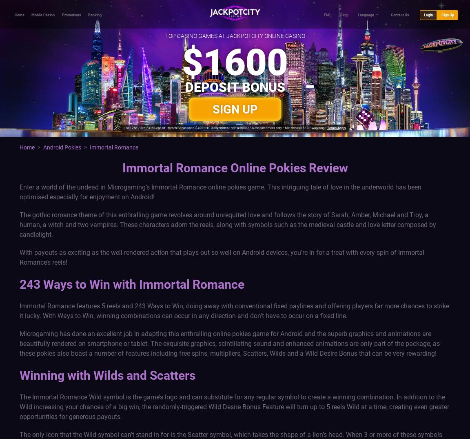  What do you see at coordinates (114, 147) in the screenshot?
I see `'Immortal Romance'` at bounding box center [114, 147].